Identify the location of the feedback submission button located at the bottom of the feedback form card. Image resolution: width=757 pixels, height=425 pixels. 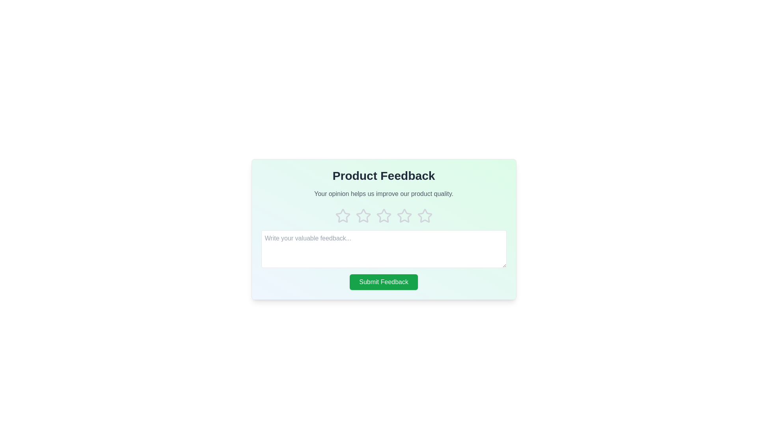
(384, 282).